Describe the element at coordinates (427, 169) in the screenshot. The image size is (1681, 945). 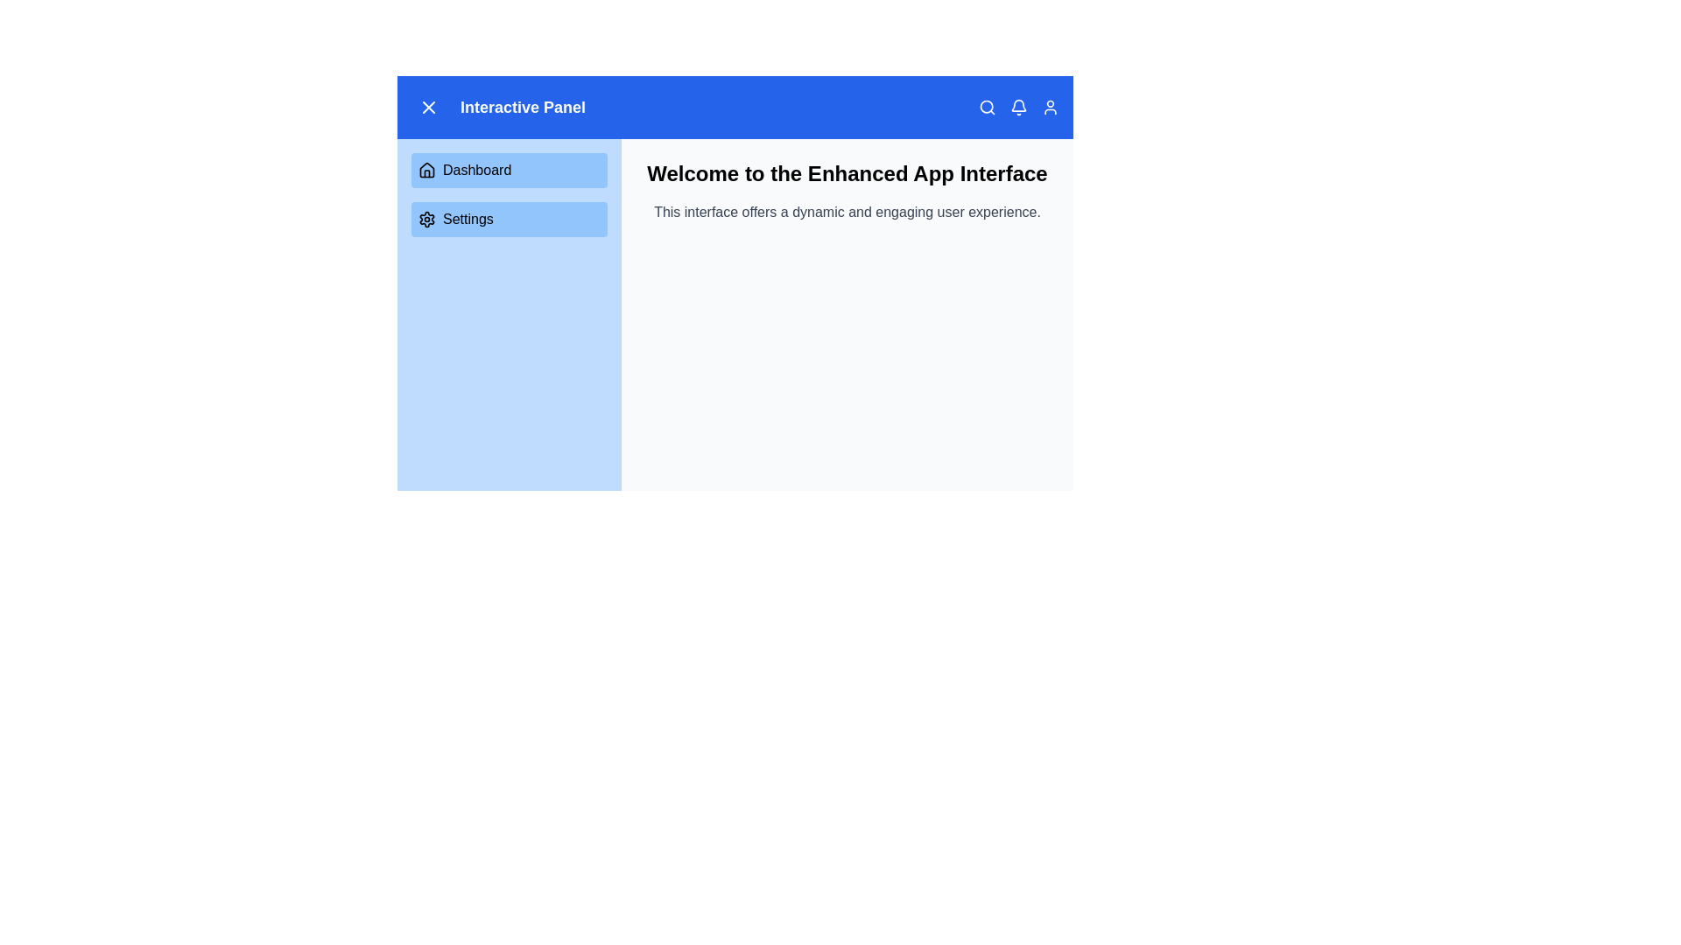
I see `the house icon representing the 'Dashboard' menu option, which is located in the sidebar panel as the first menu item above the settings gear icon` at that location.